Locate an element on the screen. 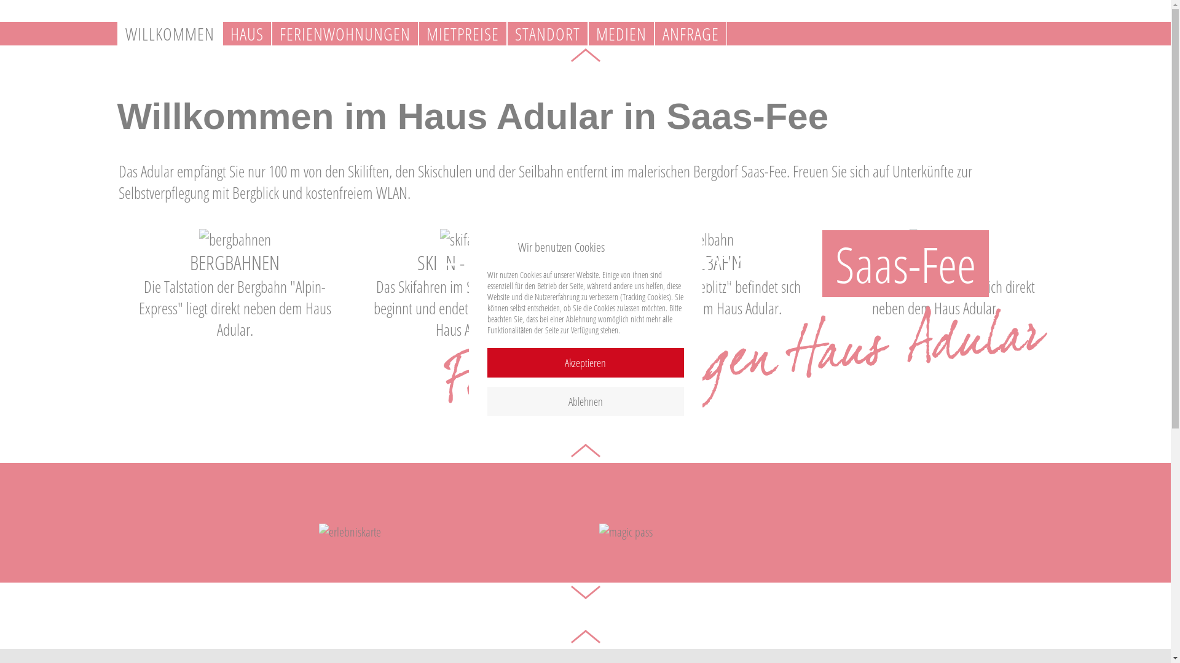 The height and width of the screenshot is (663, 1180). 'FERIENWOHNUNGEN' is located at coordinates (344, 33).